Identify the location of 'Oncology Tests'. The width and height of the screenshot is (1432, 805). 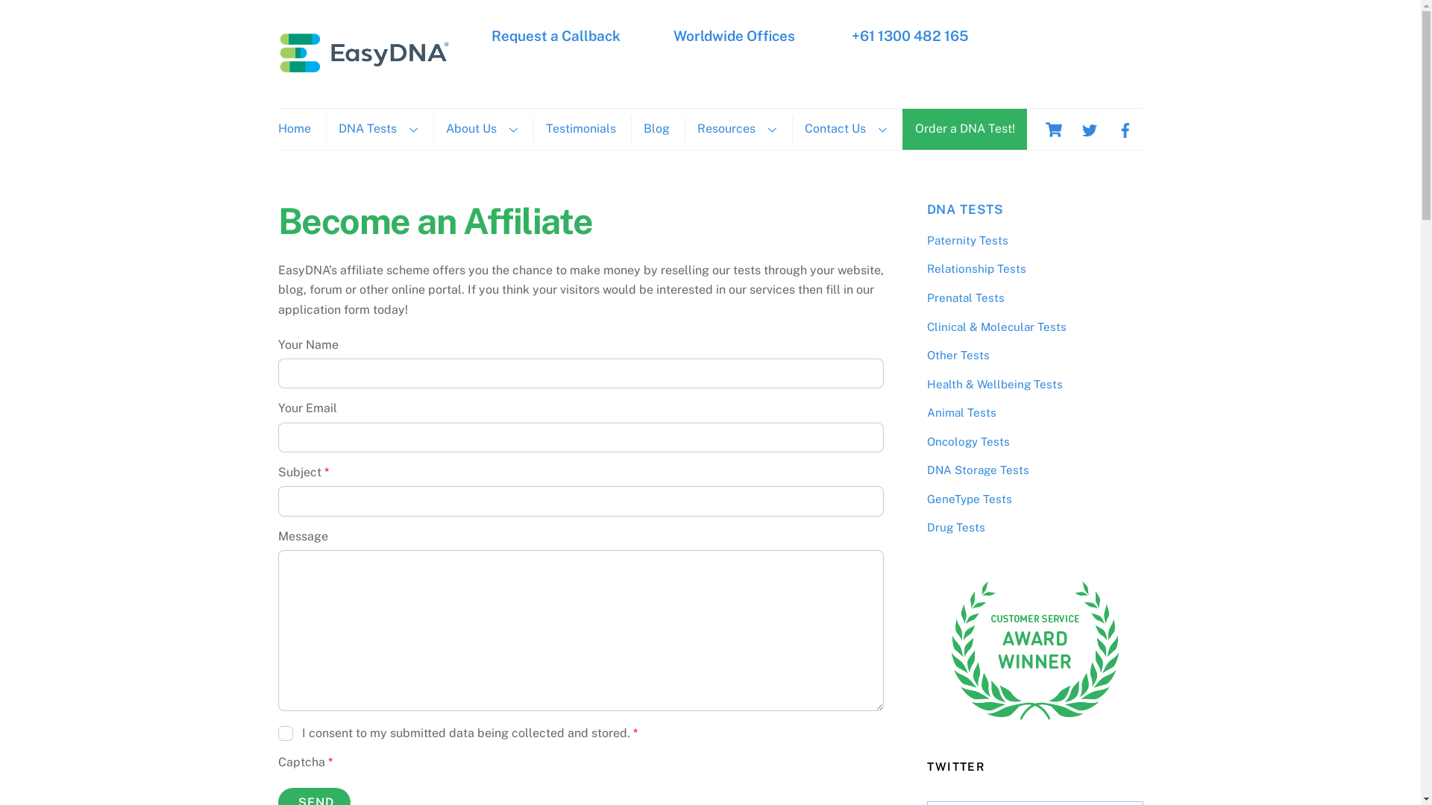
(967, 441).